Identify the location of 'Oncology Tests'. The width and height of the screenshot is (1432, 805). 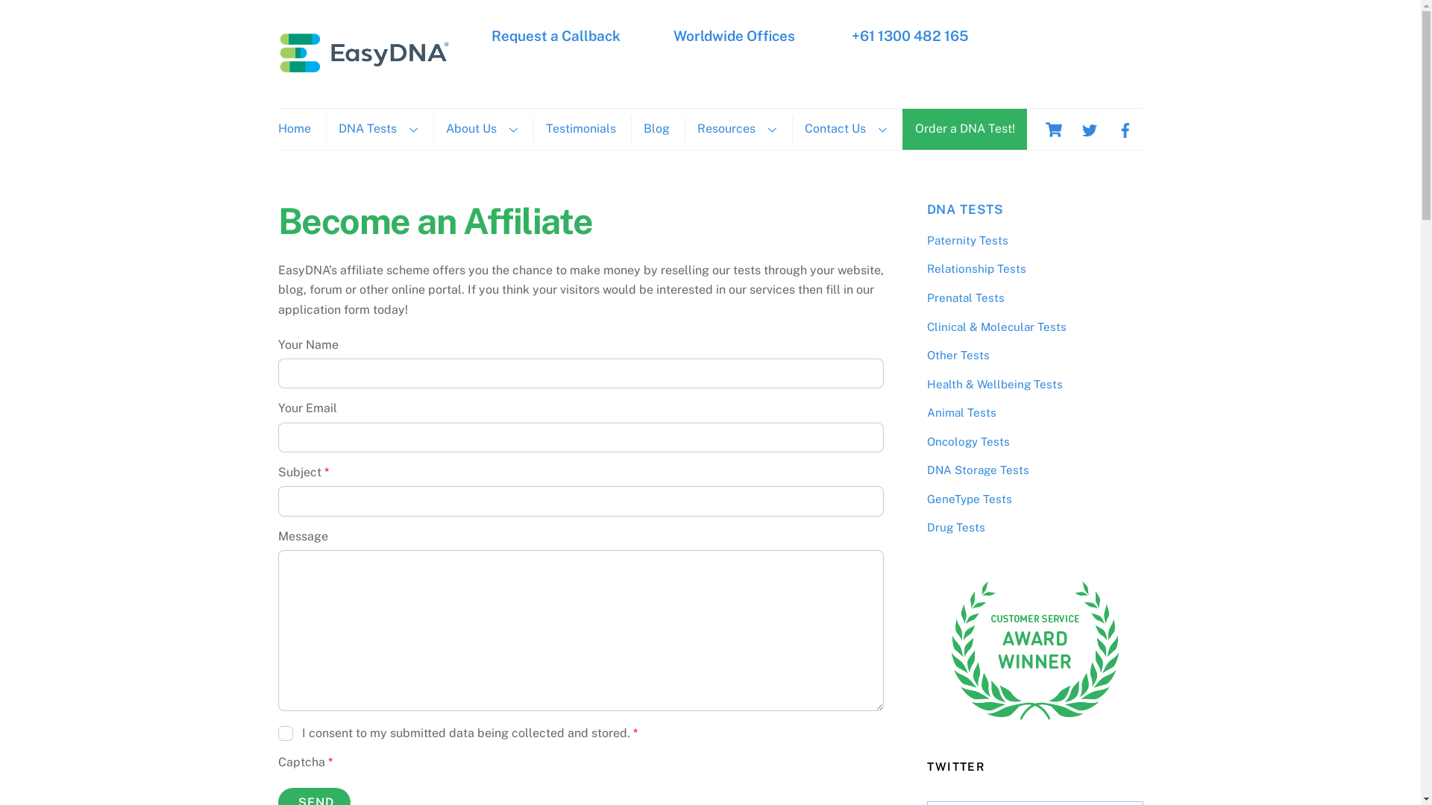
(967, 441).